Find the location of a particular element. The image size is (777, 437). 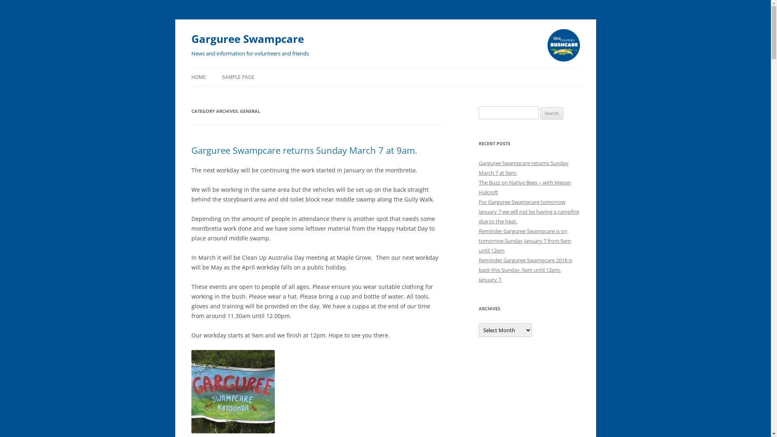

'SAMPLE PAGE' is located at coordinates (238, 77).